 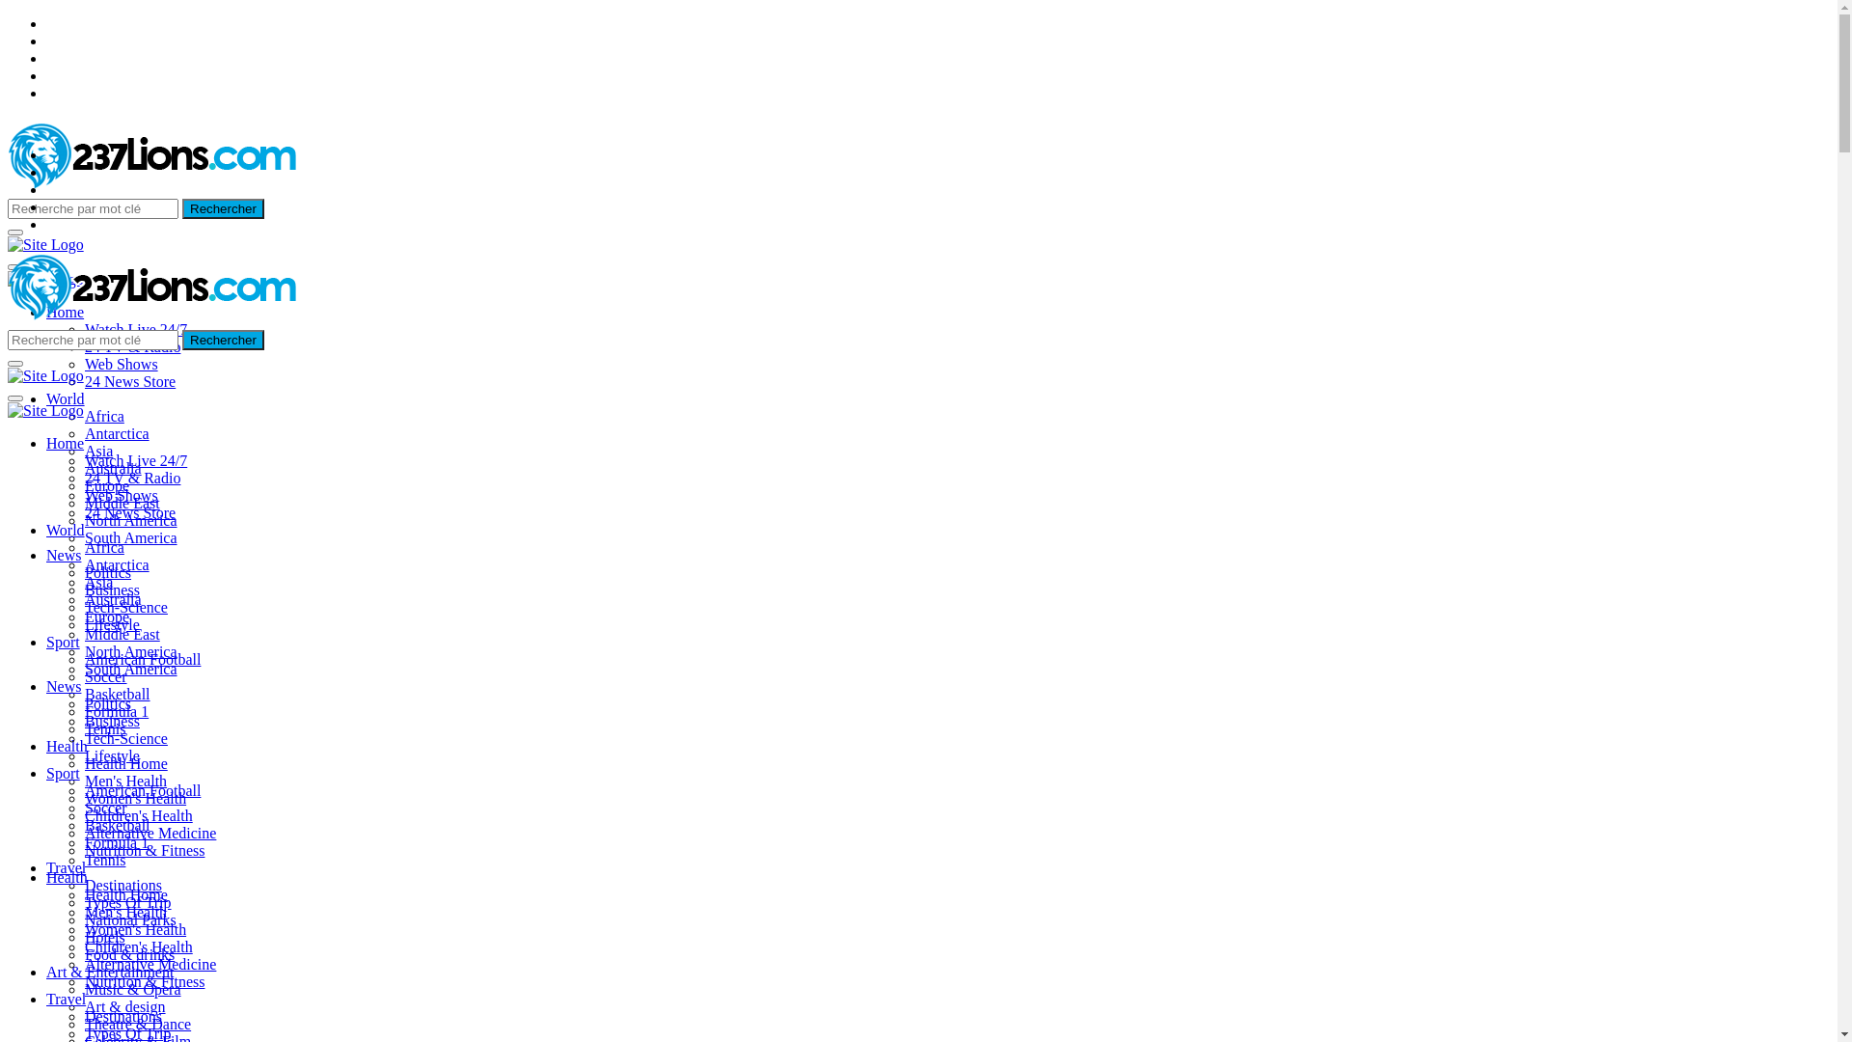 I want to click on 'American Football', so click(x=142, y=790).